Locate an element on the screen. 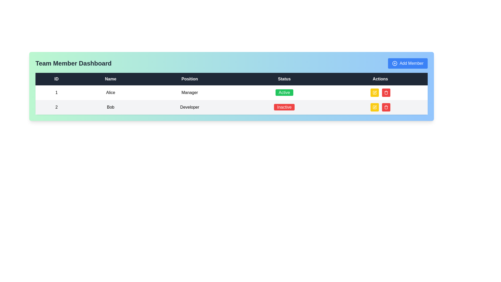  the pen icon embedded in the yellow circular button located in the 'Actions' column of the second row of the table is located at coordinates (375, 92).